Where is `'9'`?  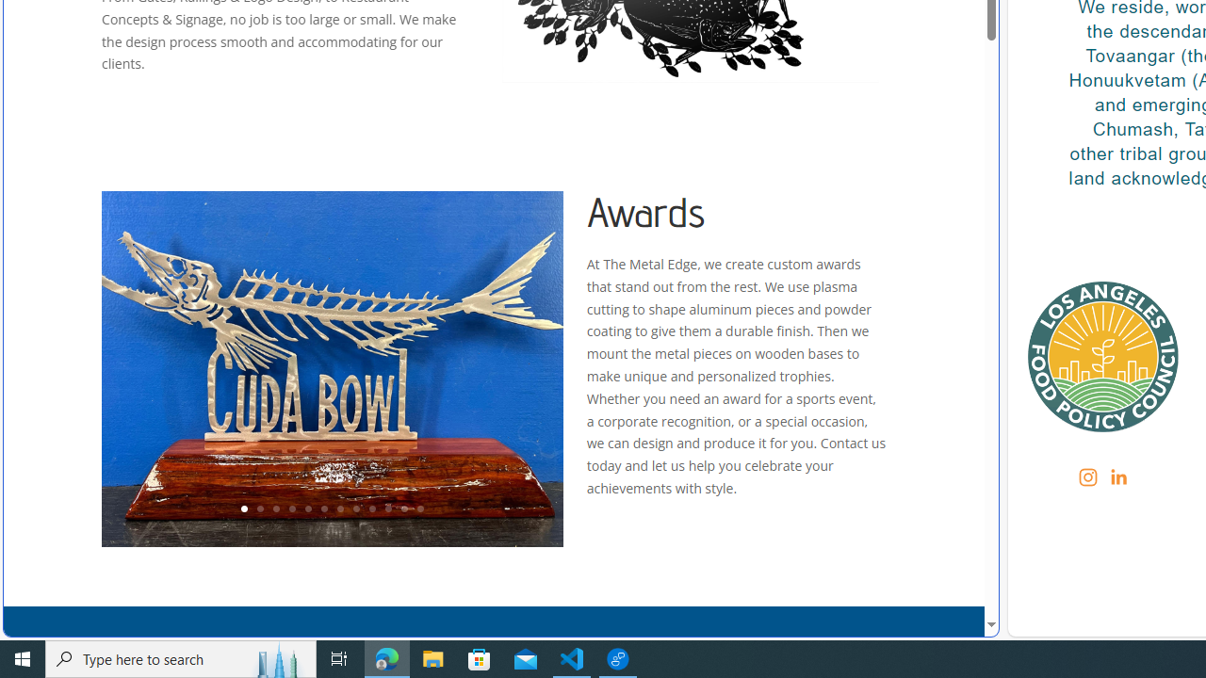 '9' is located at coordinates (371, 509).